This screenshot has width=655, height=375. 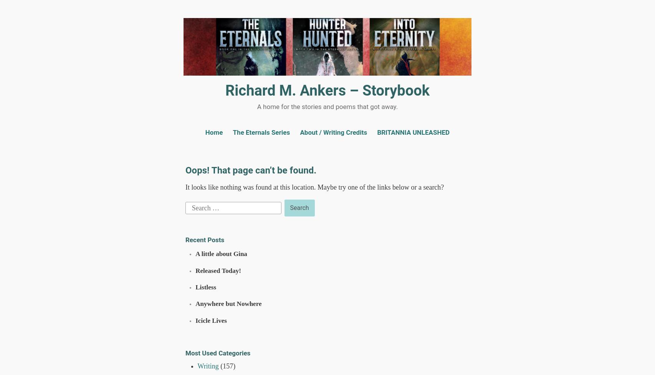 I want to click on 'Most Used Categories', so click(x=217, y=352).